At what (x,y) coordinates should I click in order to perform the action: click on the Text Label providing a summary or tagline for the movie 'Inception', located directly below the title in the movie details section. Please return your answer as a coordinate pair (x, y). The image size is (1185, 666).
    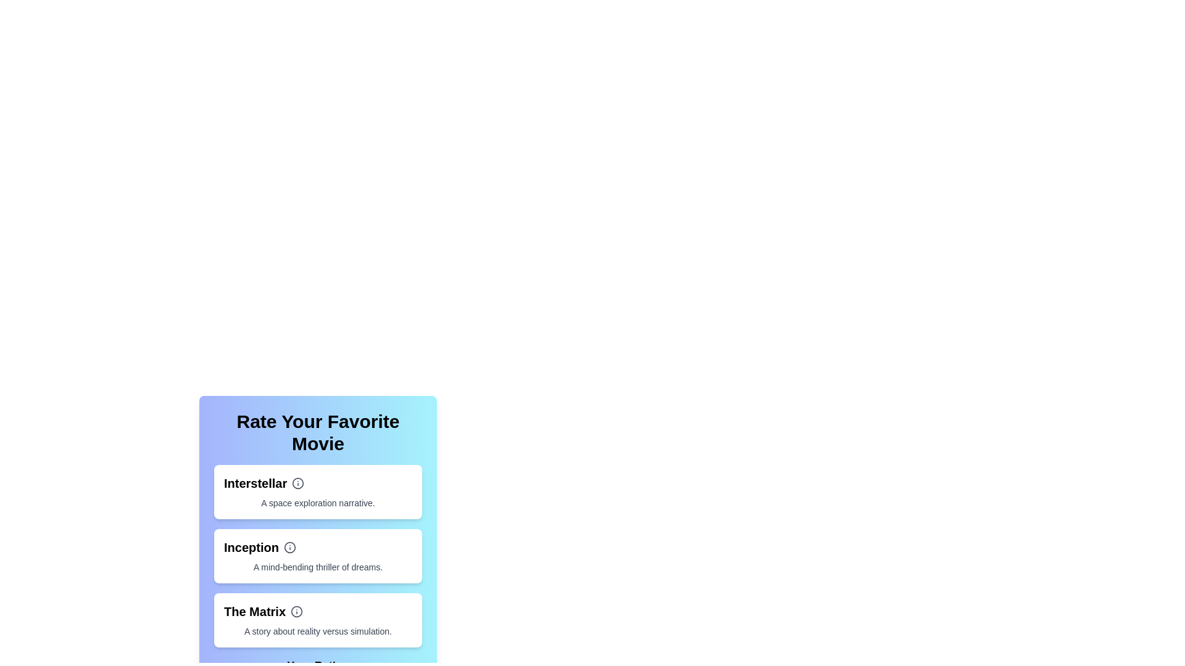
    Looking at the image, I should click on (318, 567).